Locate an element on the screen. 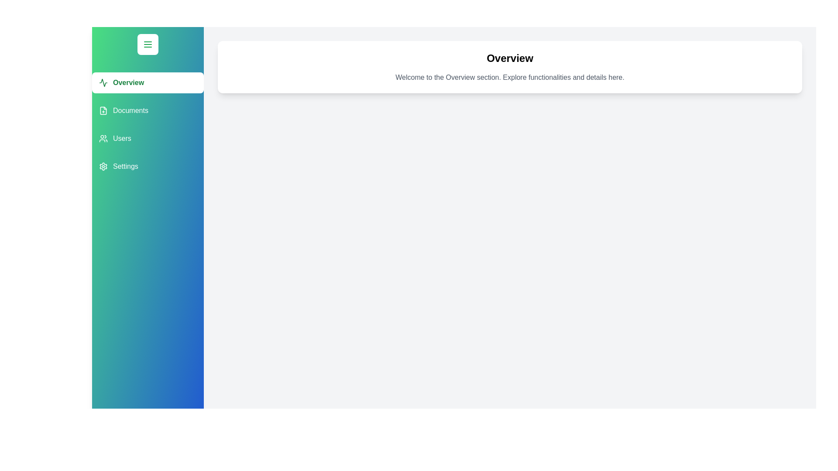 This screenshot has width=838, height=471. the button labeled Users is located at coordinates (148, 138).